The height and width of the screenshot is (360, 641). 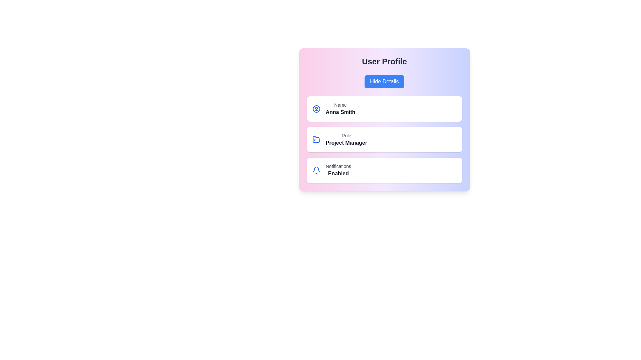 I want to click on the open folder icon located in the top-left corner of the 'Role Project Manager' card, so click(x=316, y=139).